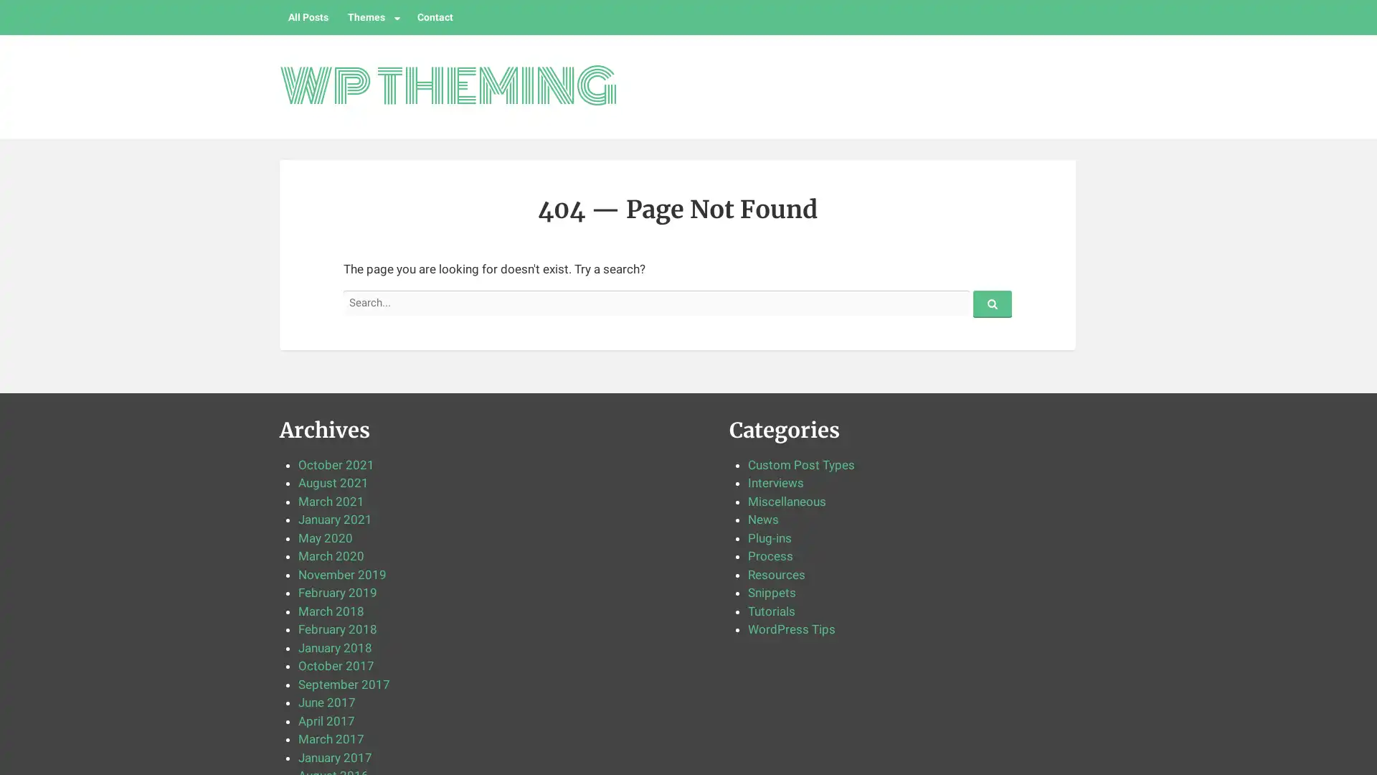 The image size is (1377, 775). What do you see at coordinates (991, 304) in the screenshot?
I see `Search...` at bounding box center [991, 304].